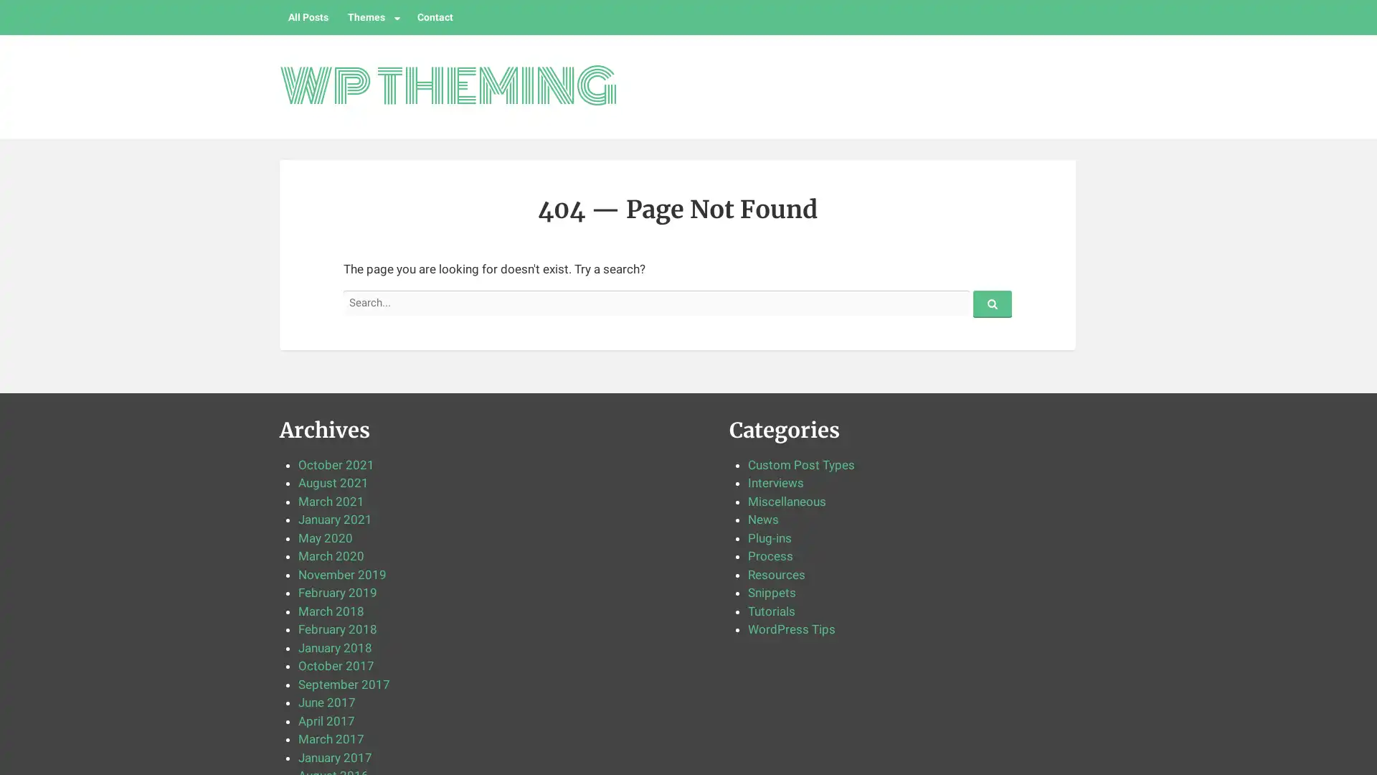 The image size is (1377, 775). What do you see at coordinates (991, 304) in the screenshot?
I see `Search...` at bounding box center [991, 304].